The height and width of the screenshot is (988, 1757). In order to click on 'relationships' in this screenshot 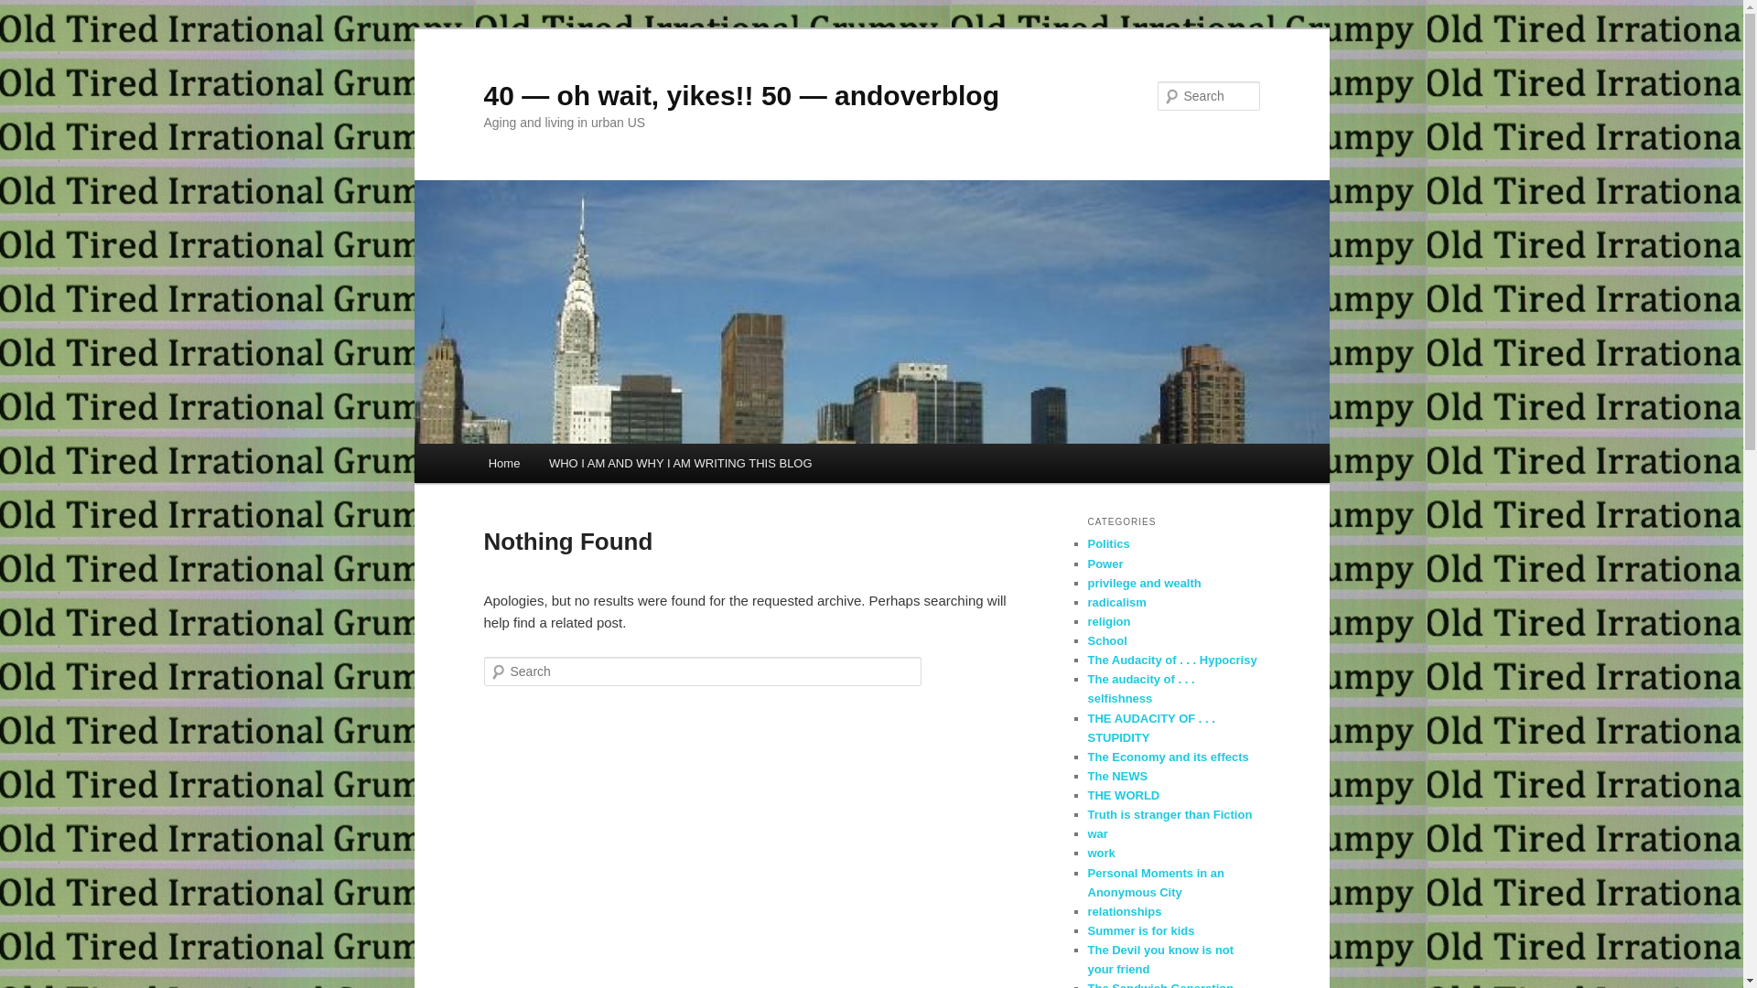, I will do `click(1123, 911)`.